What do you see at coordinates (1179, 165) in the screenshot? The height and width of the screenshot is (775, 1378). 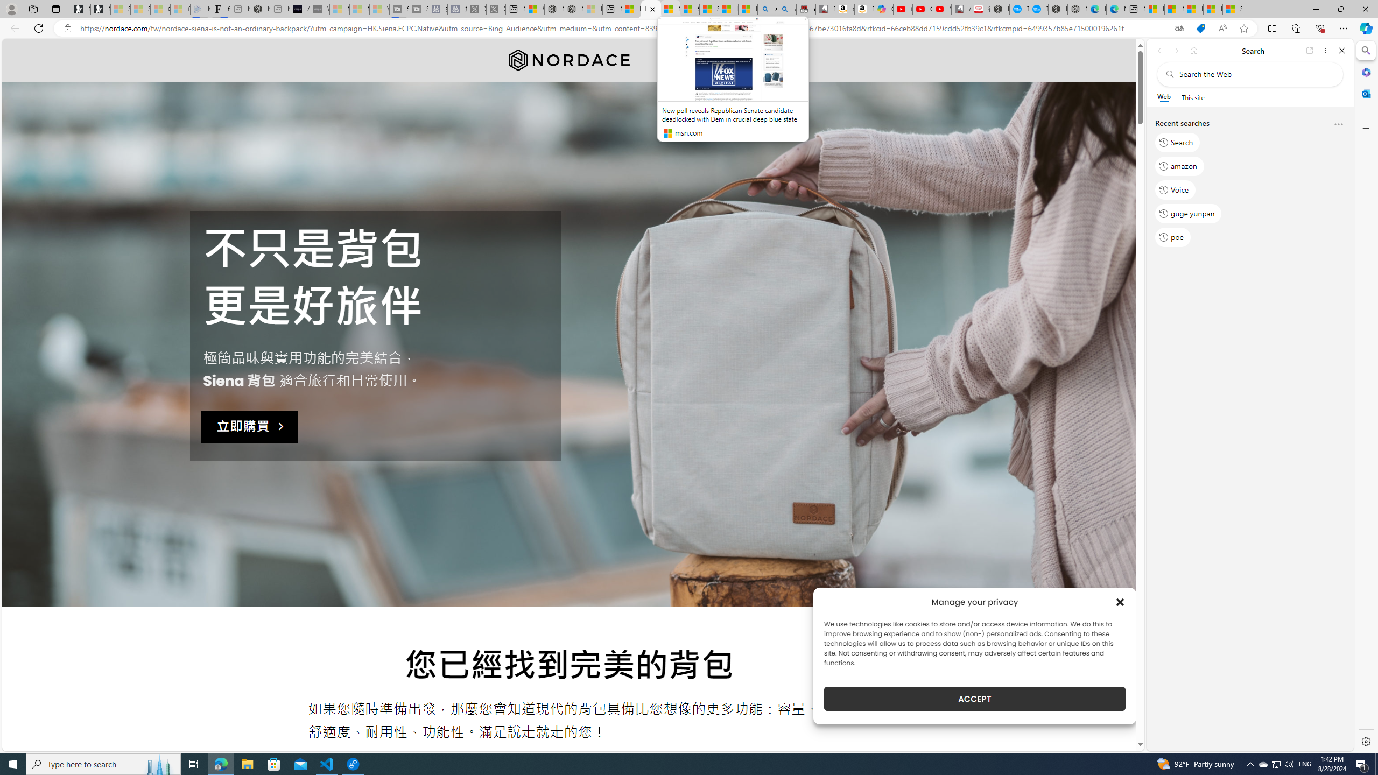 I see `'amazon'` at bounding box center [1179, 165].